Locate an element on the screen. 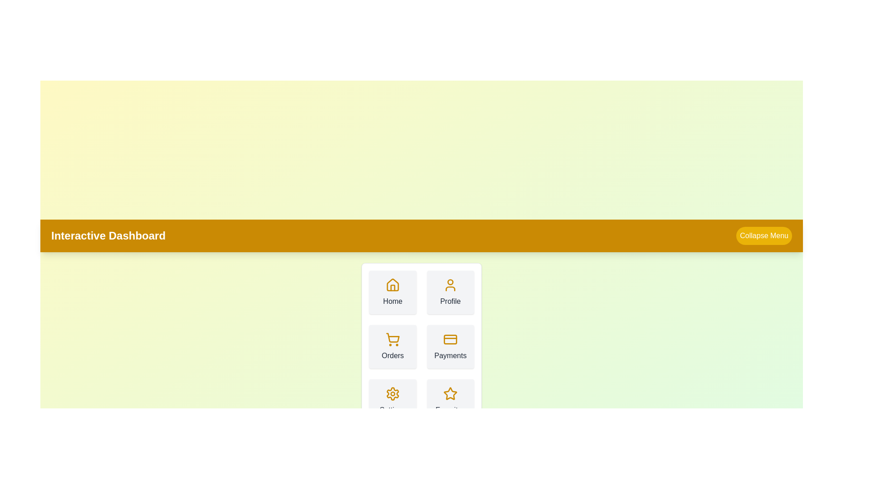  the 'Profile' button in the menu is located at coordinates (450, 292).